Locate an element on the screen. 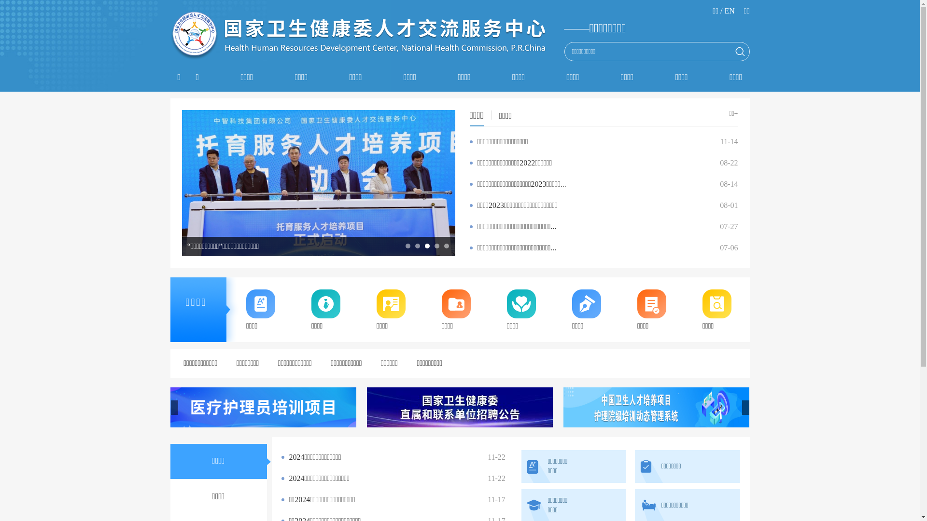 The width and height of the screenshot is (927, 521). 'EN' is located at coordinates (724, 11).